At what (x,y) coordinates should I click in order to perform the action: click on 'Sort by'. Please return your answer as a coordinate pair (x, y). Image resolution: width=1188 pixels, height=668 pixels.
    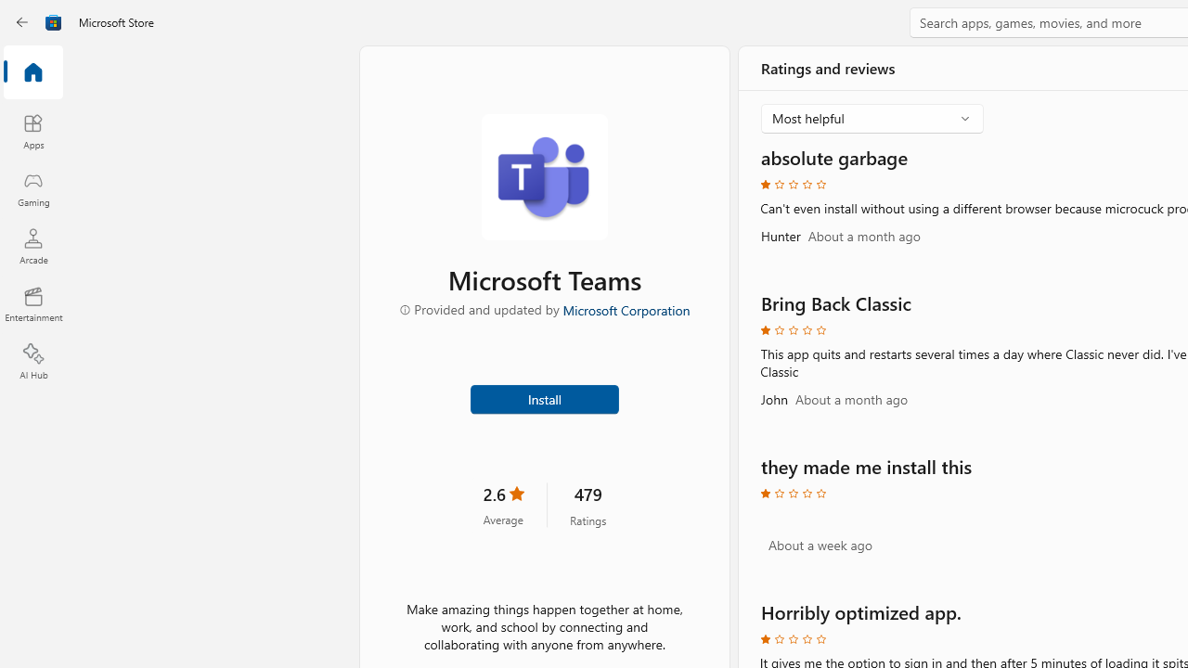
    Looking at the image, I should click on (872, 119).